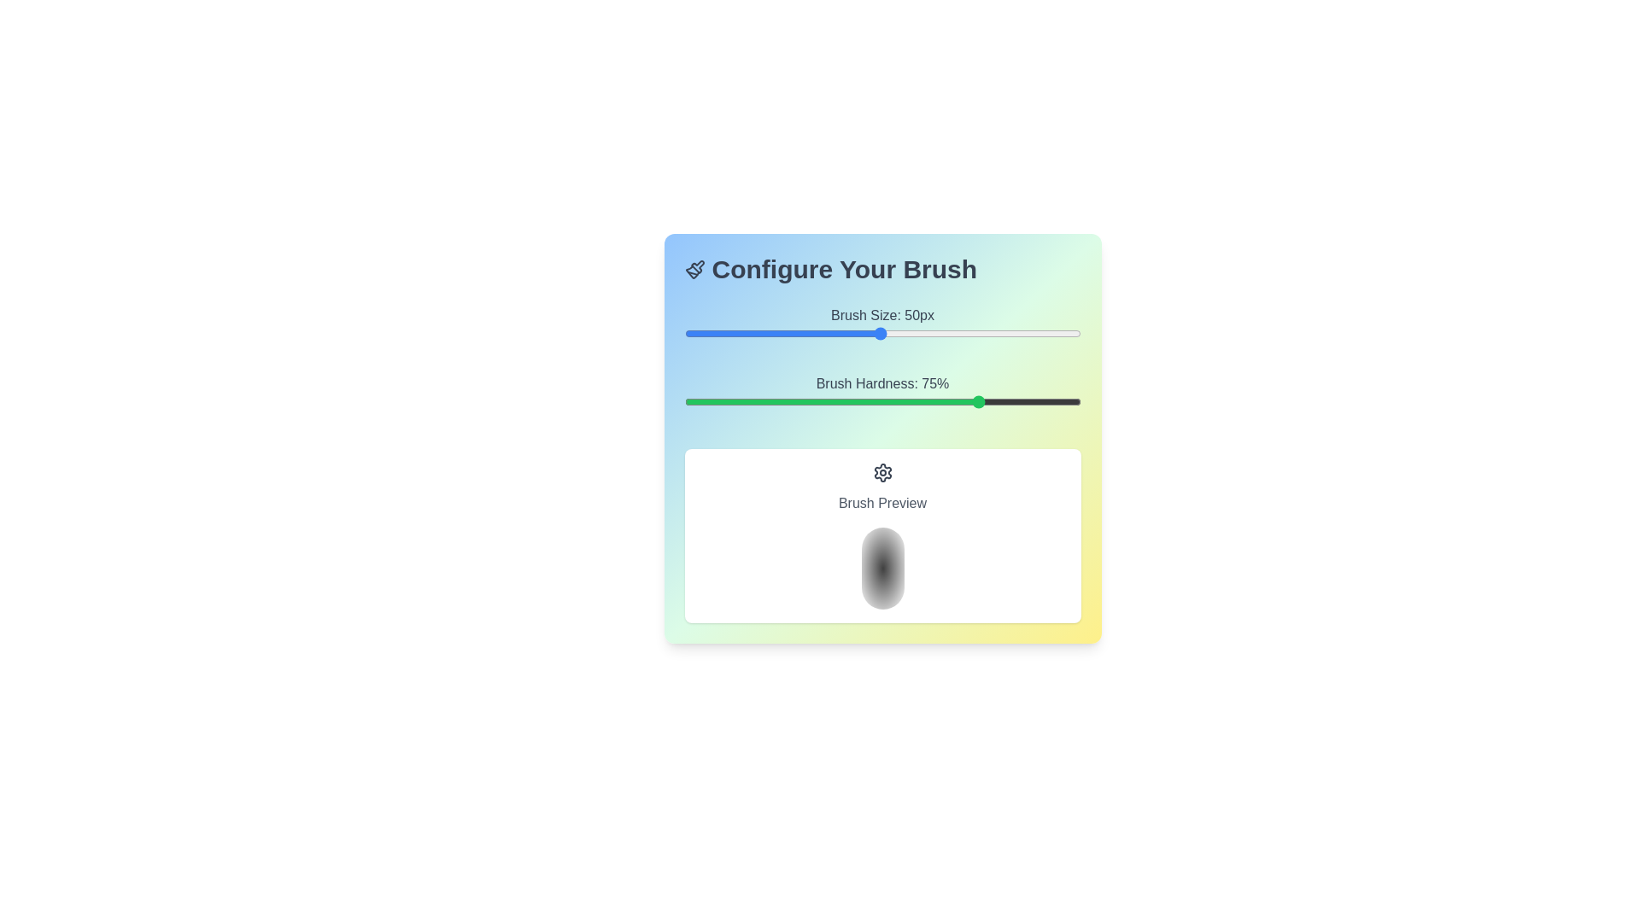 Image resolution: width=1640 pixels, height=922 pixels. Describe the element at coordinates (882, 535) in the screenshot. I see `the Brush Preview area to observe its appearance` at that location.